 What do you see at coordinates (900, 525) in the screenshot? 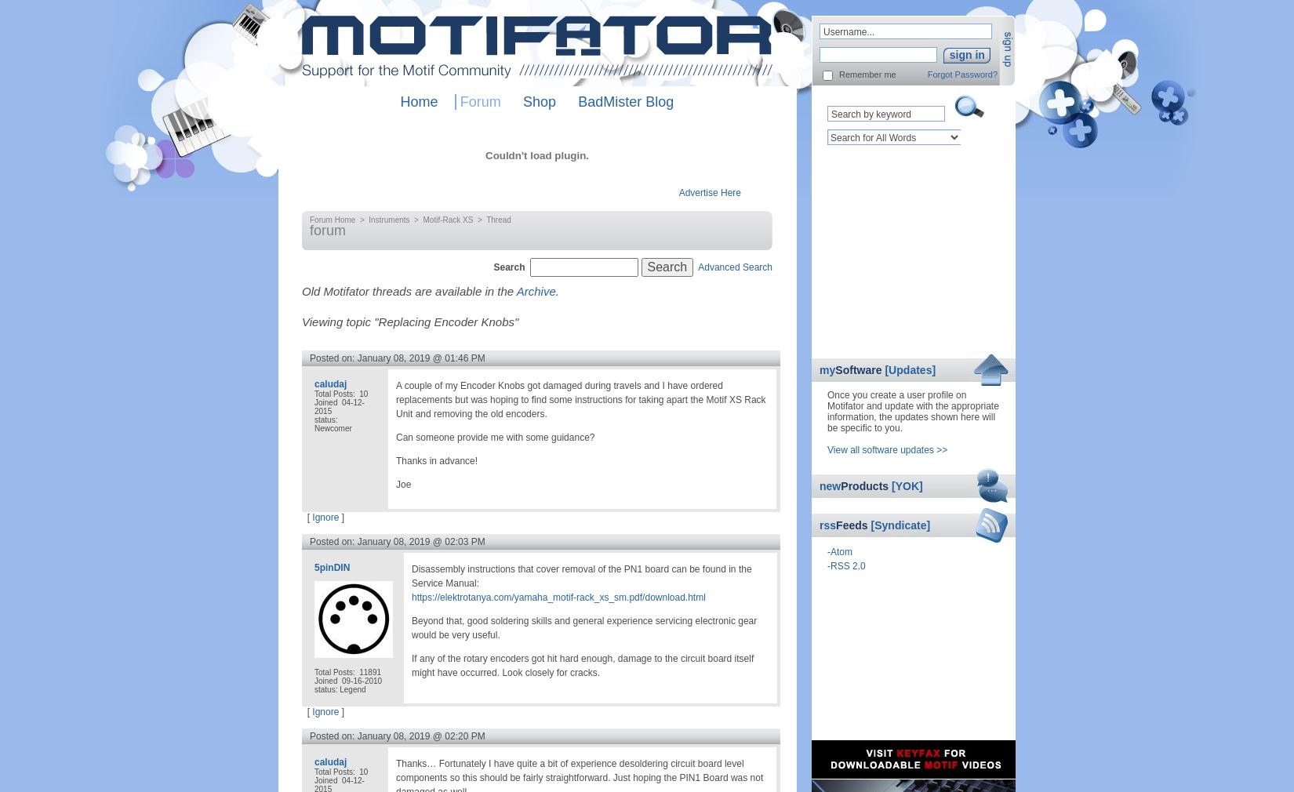
I see `'[Syndicate]'` at bounding box center [900, 525].